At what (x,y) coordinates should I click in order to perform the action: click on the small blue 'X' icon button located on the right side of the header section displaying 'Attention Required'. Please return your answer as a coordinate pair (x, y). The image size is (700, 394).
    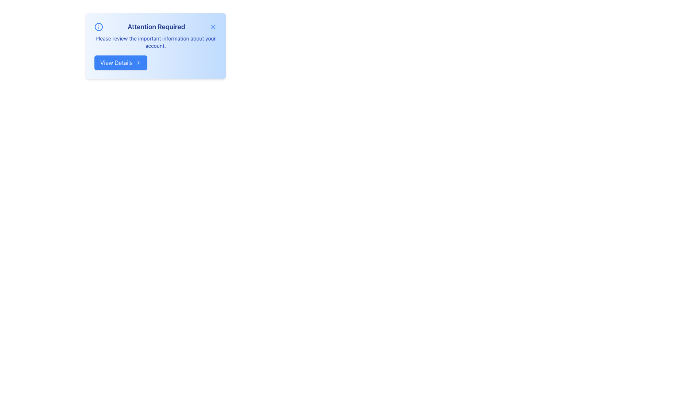
    Looking at the image, I should click on (213, 26).